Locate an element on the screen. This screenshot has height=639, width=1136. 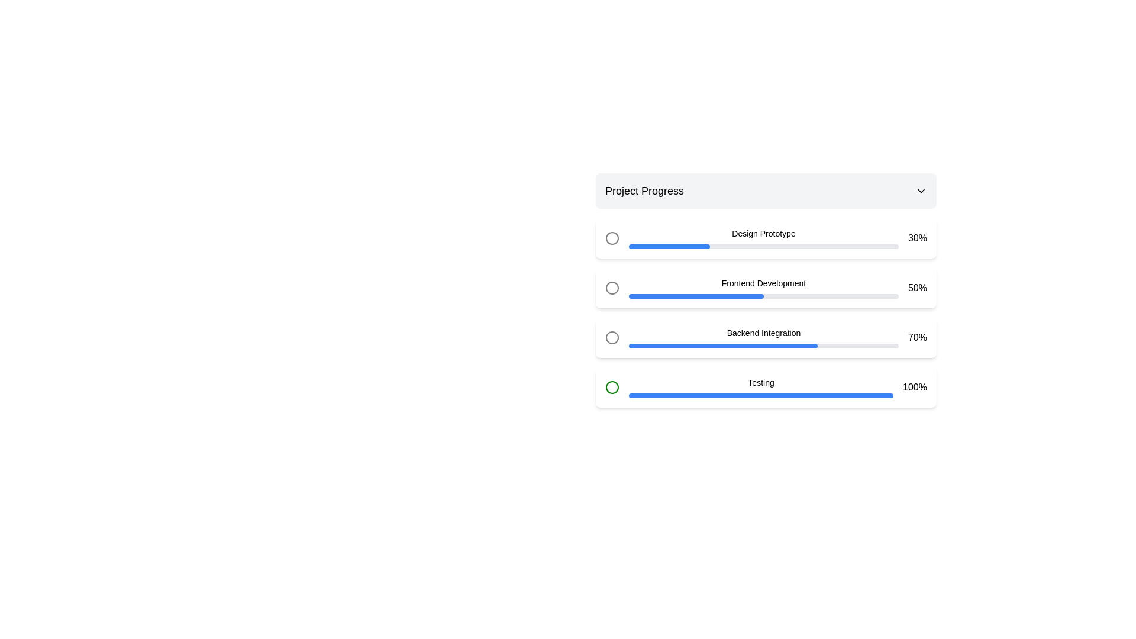
the SVG Circle Element that visually represents the state or progress of the Testing stage in the project tracker is located at coordinates (612, 388).